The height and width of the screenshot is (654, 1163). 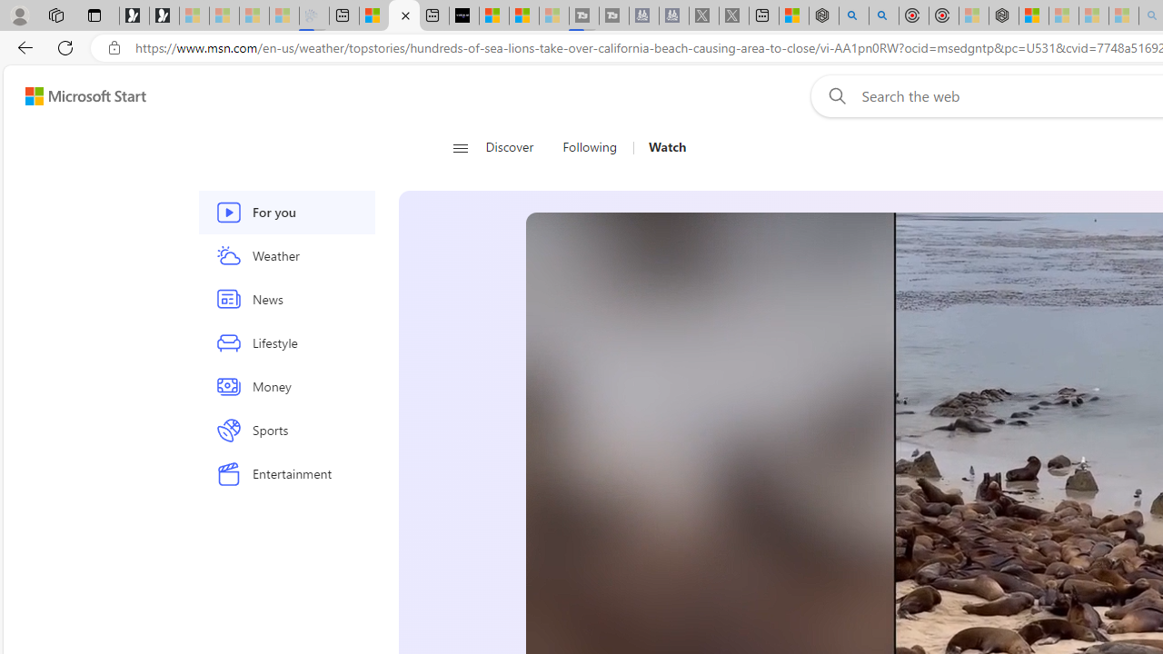 I want to click on 'Web search', so click(x=832, y=95).